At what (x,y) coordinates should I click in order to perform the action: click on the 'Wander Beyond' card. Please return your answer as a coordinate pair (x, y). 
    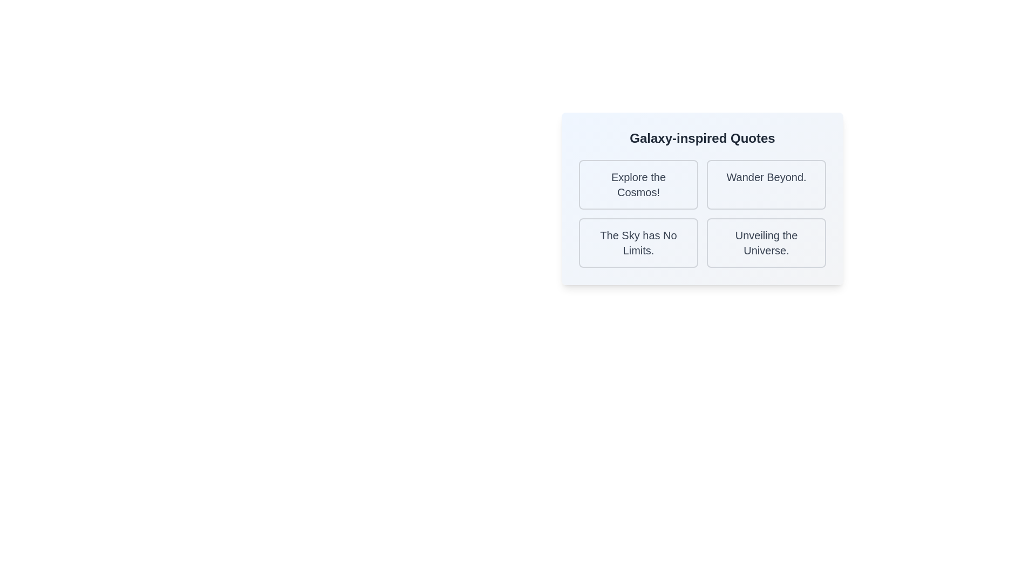
    Looking at the image, I should click on (766, 184).